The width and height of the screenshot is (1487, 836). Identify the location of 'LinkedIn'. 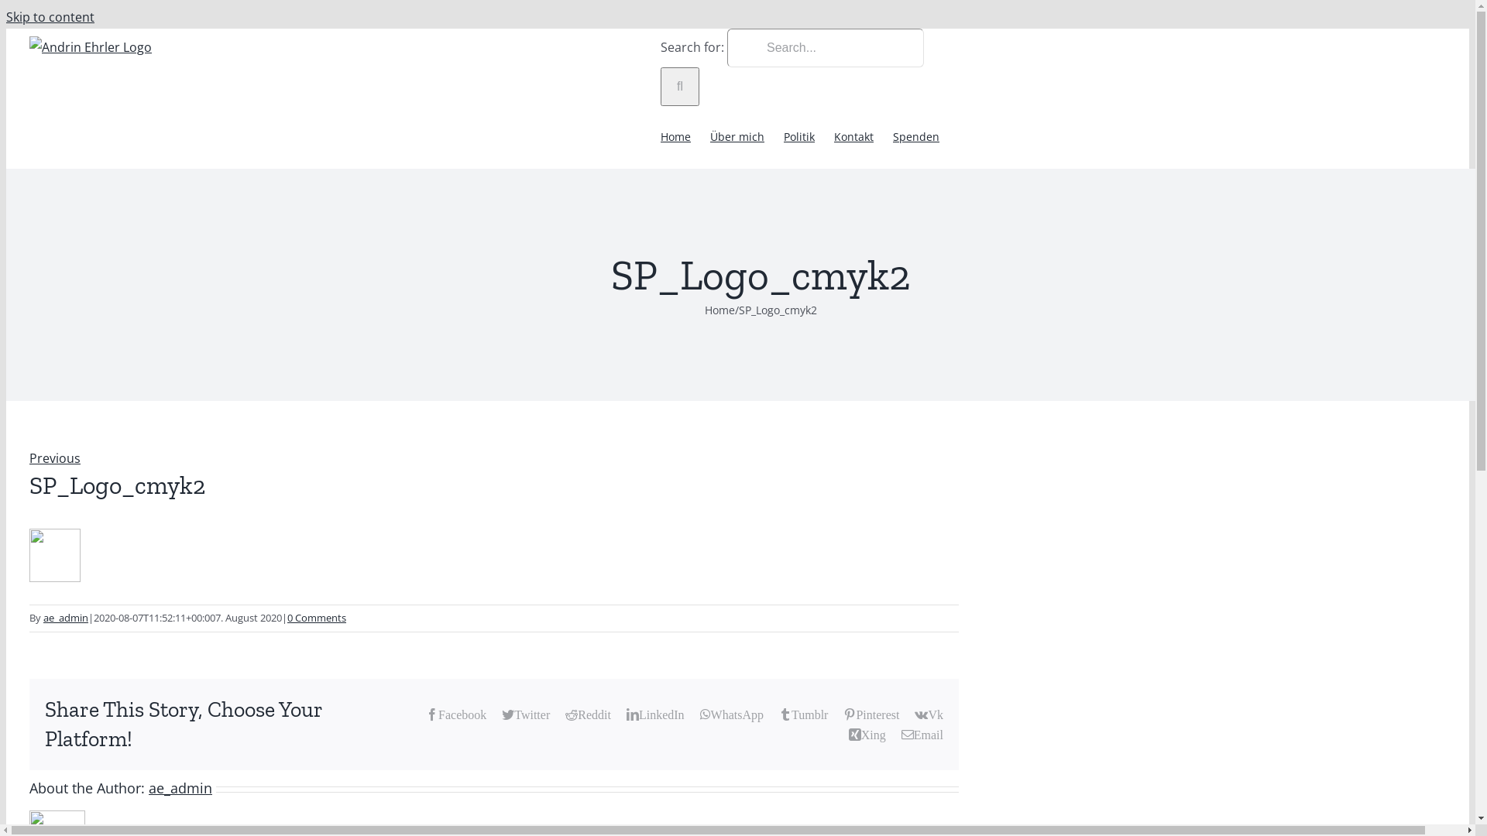
(655, 714).